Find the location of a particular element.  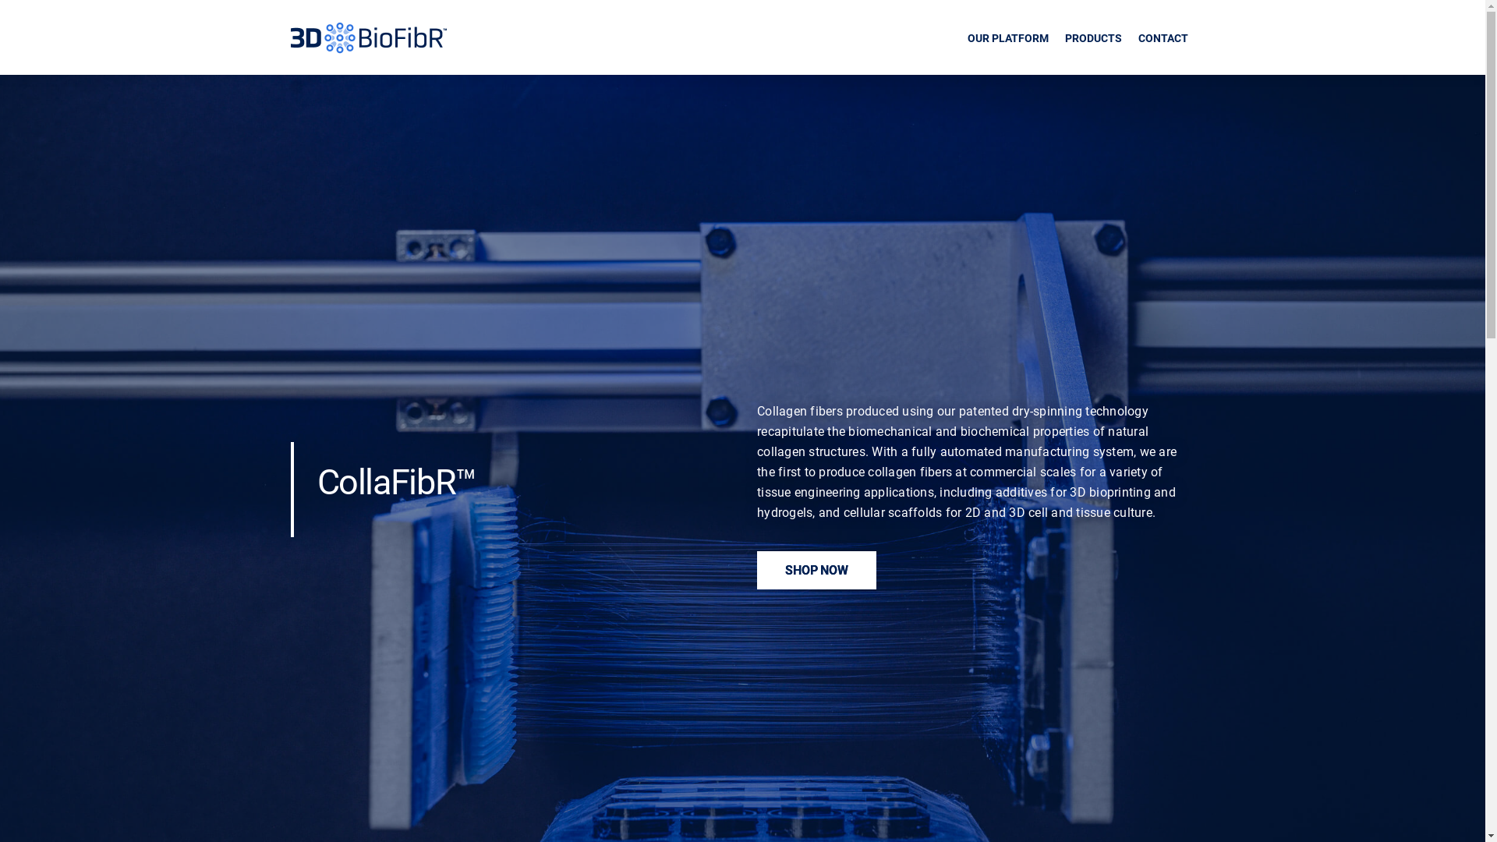

'PRODUCTS' is located at coordinates (1092, 33).